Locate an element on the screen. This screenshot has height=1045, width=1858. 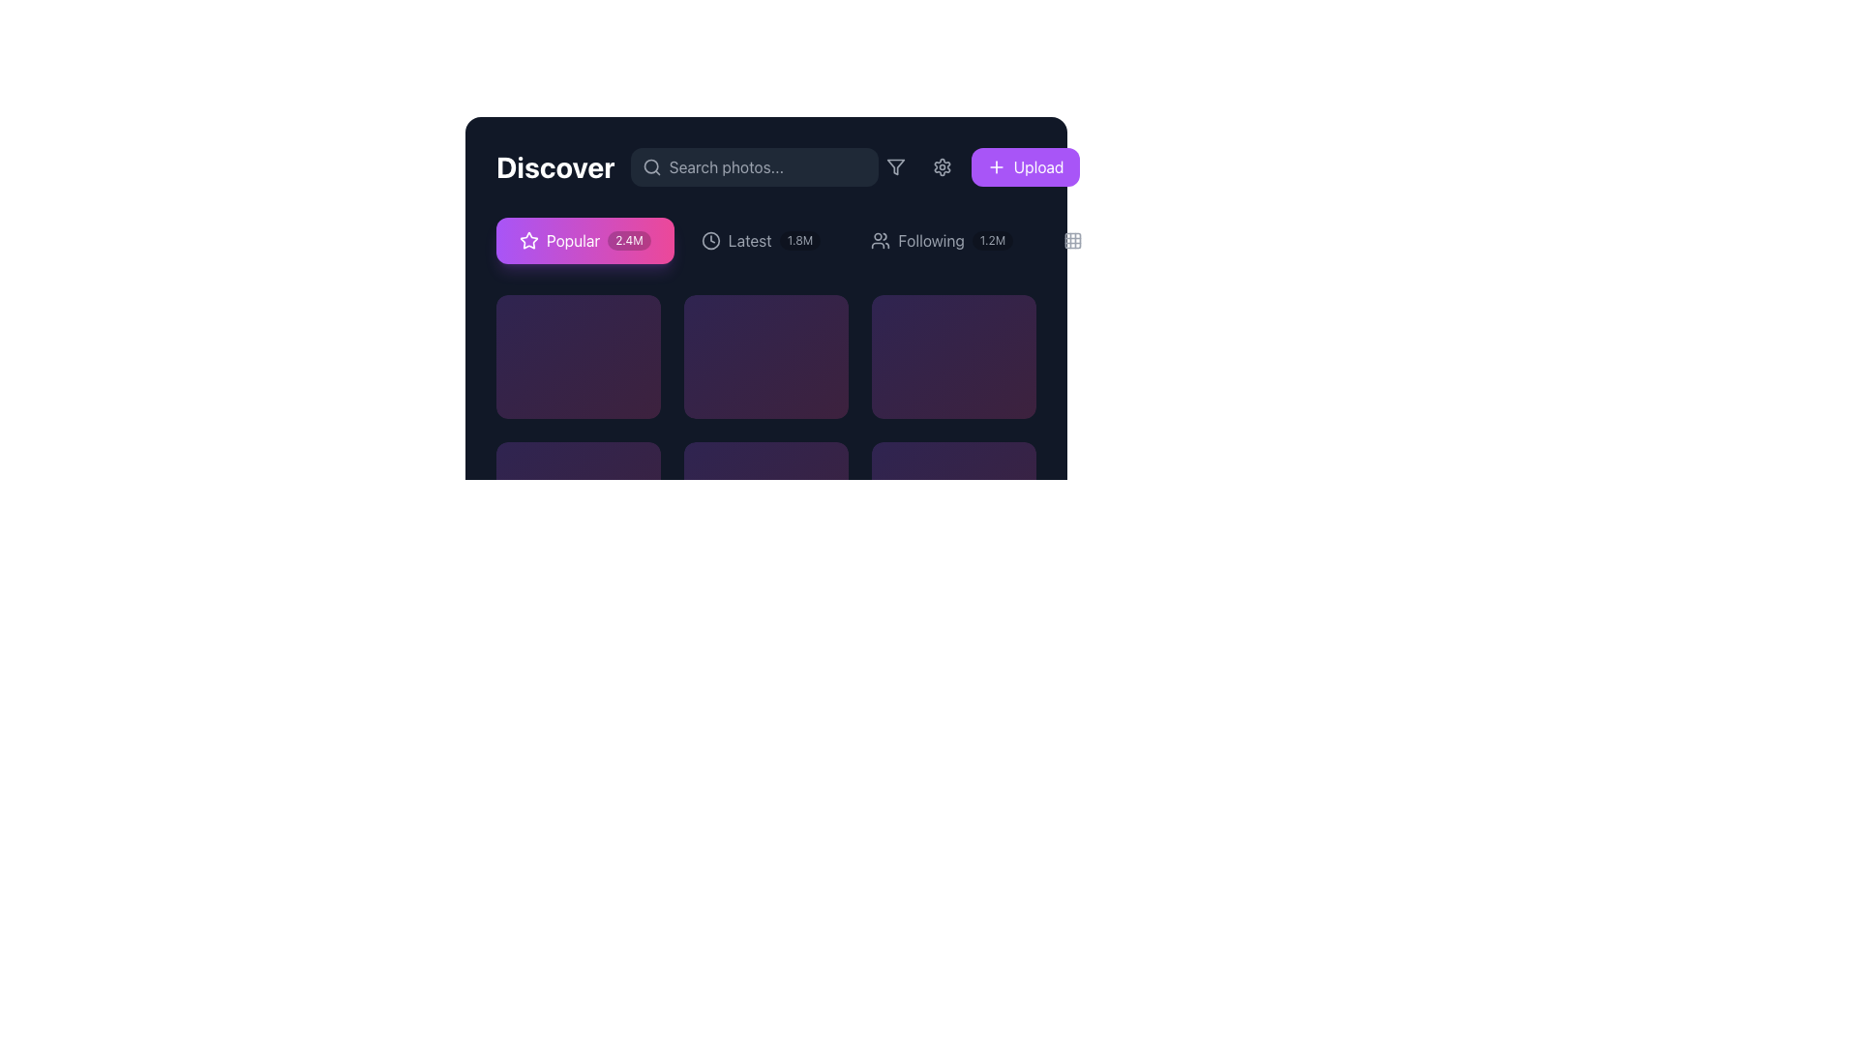
the filter button with an icon located in the top-right section of the interface, the first icon from the left in a row of icons and buttons is located at coordinates (894, 166).